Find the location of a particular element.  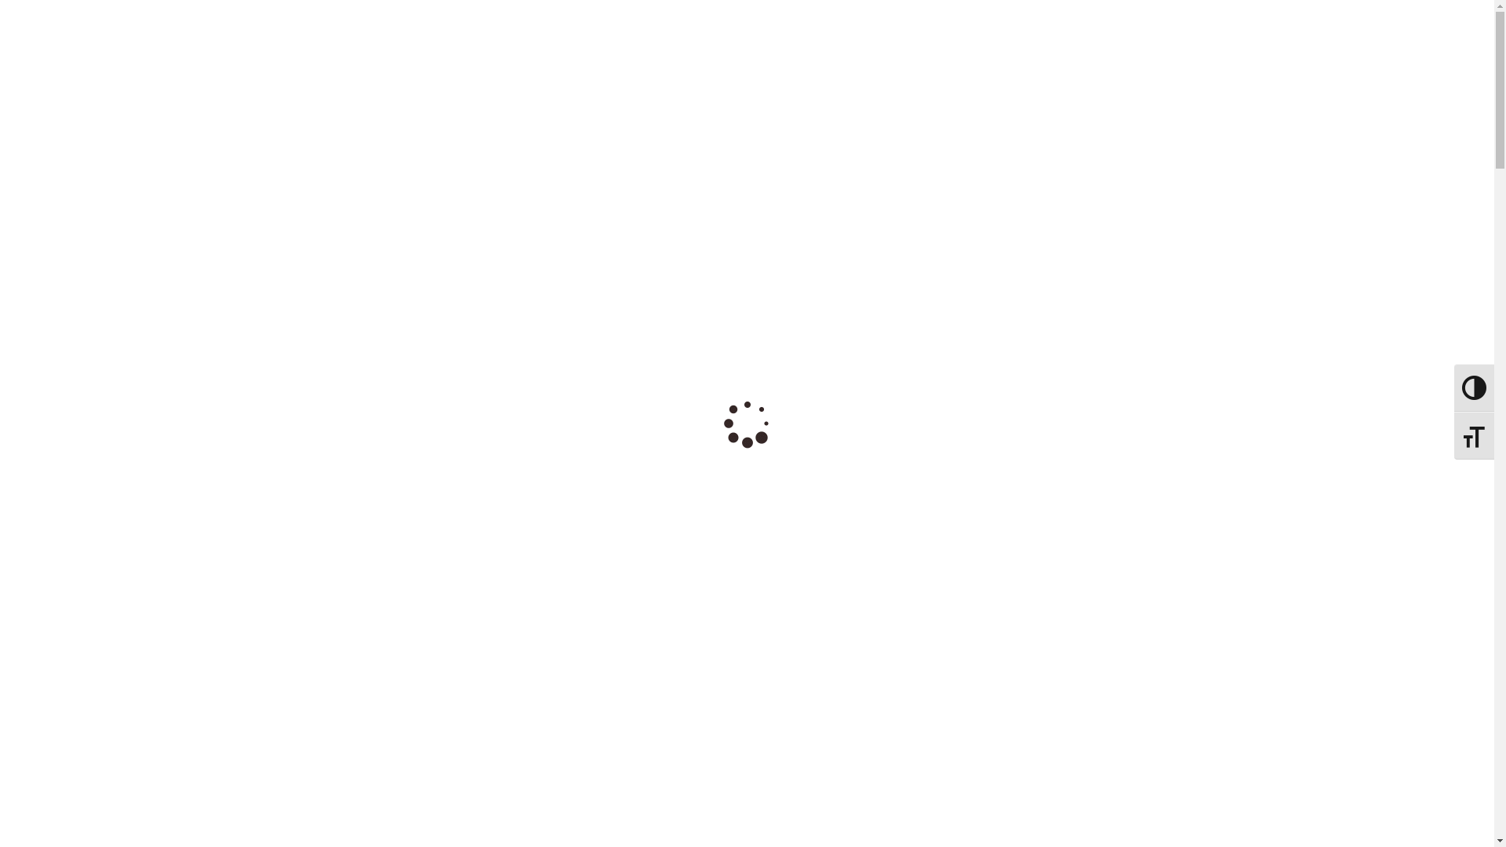

'Toggle High Contrast' is located at coordinates (747, 7).